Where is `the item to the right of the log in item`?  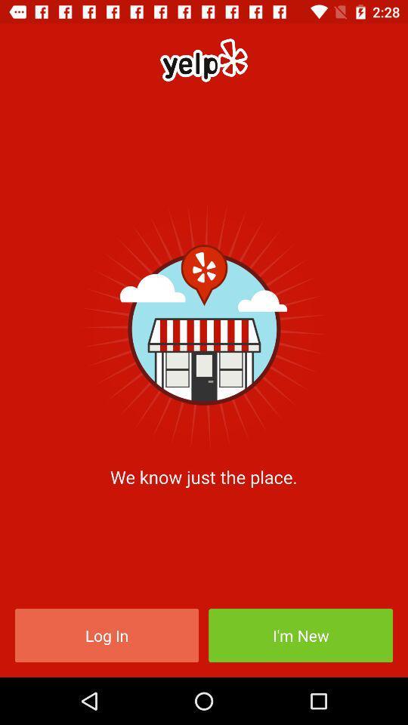 the item to the right of the log in item is located at coordinates (301, 634).